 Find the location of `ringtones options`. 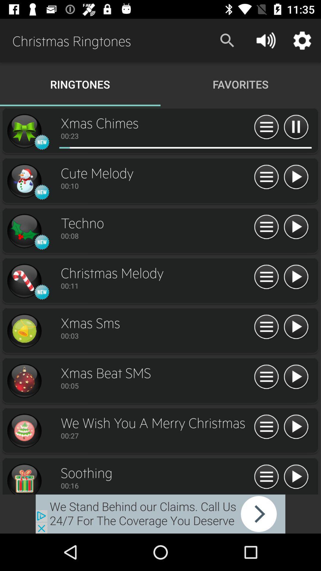

ringtones options is located at coordinates (24, 131).